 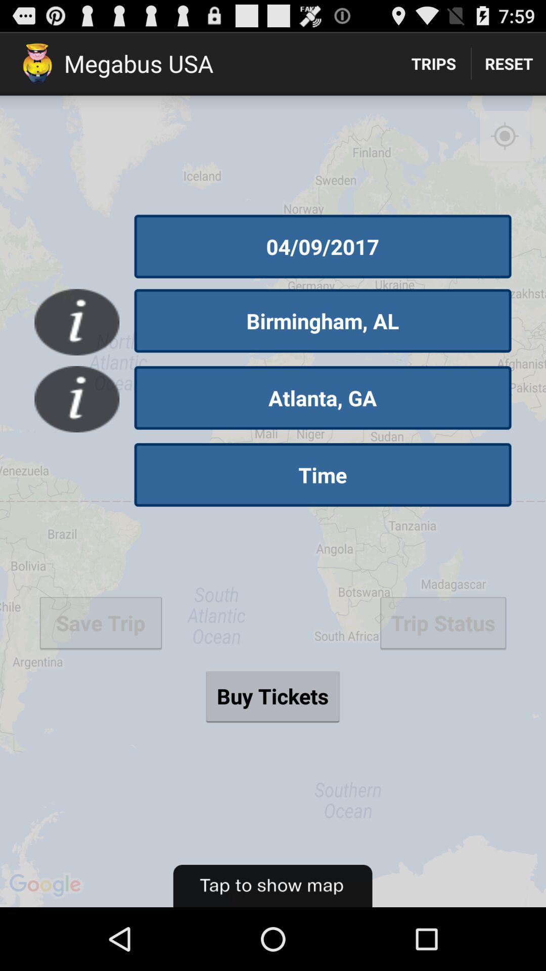 I want to click on the trips, so click(x=433, y=63).